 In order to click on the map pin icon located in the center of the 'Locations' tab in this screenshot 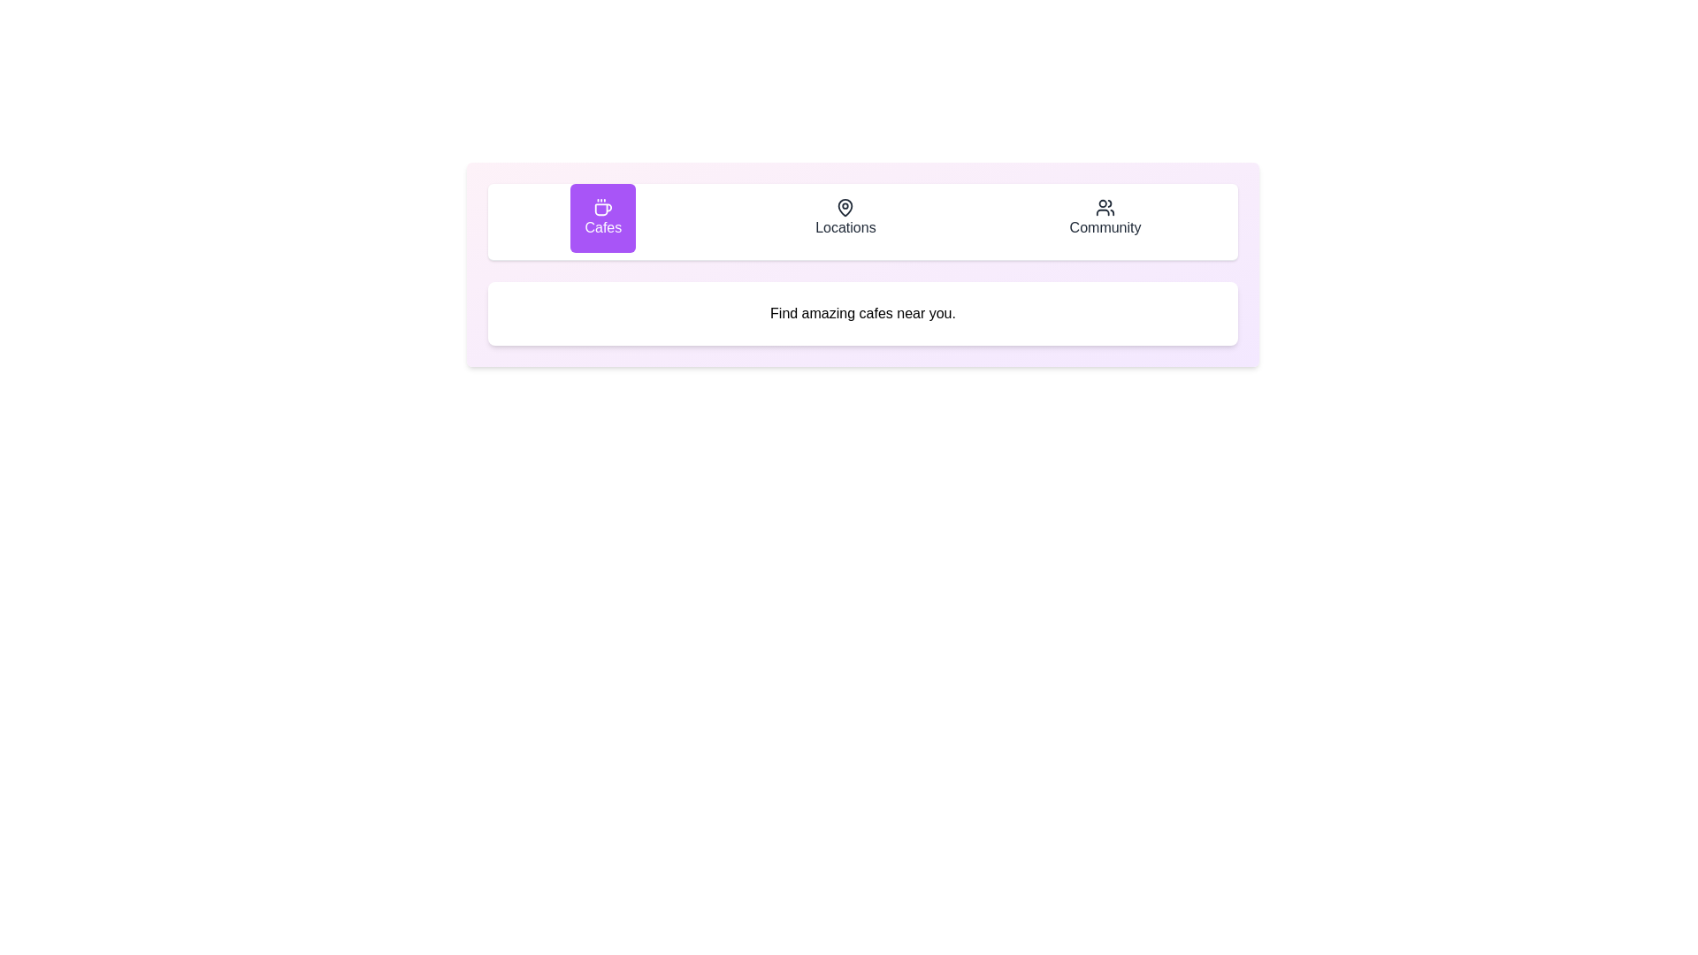, I will do `click(845, 207)`.